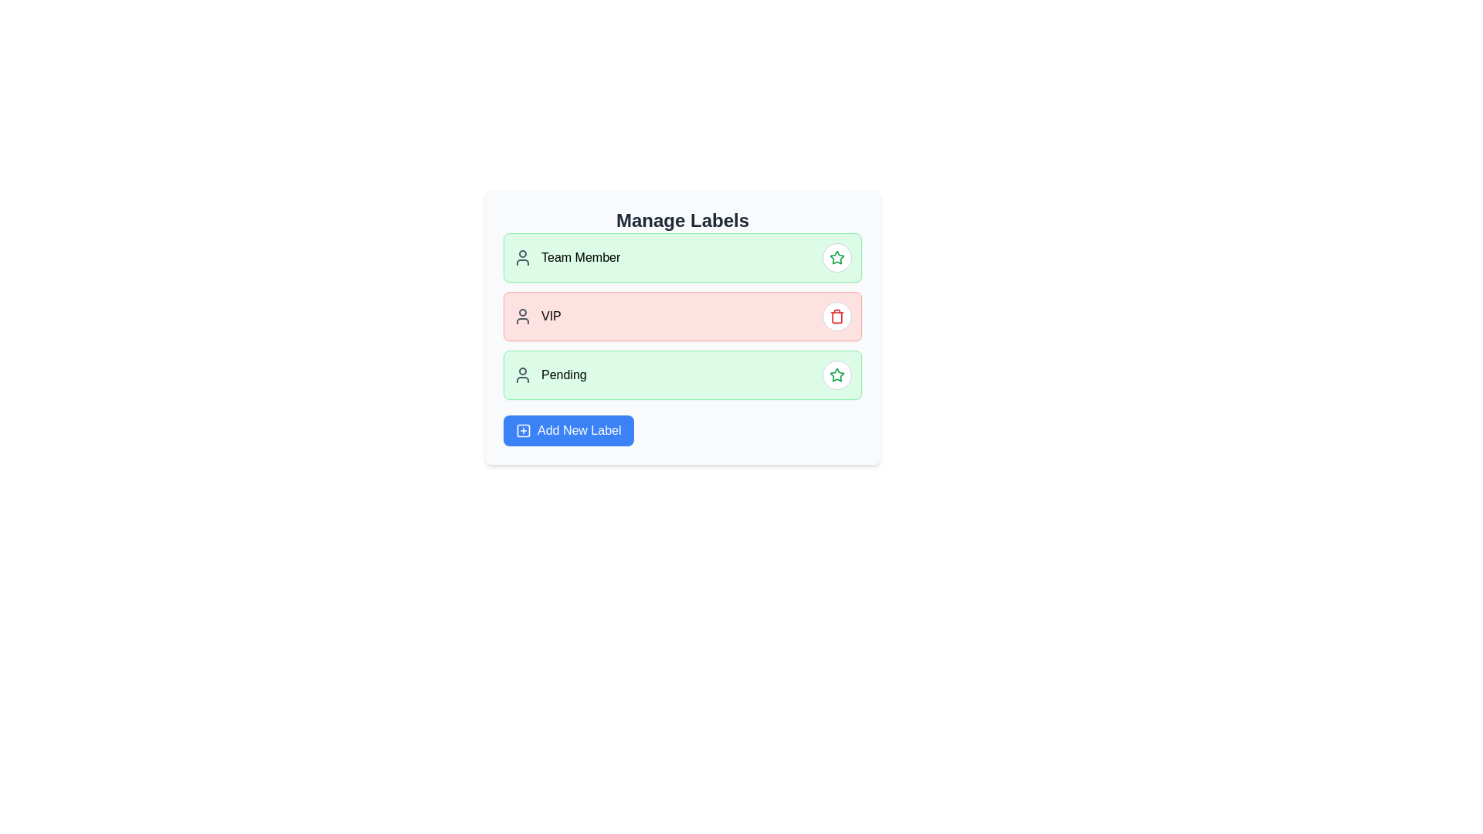 The width and height of the screenshot is (1483, 834). I want to click on the 'VIP' categorization label, so click(681, 315).